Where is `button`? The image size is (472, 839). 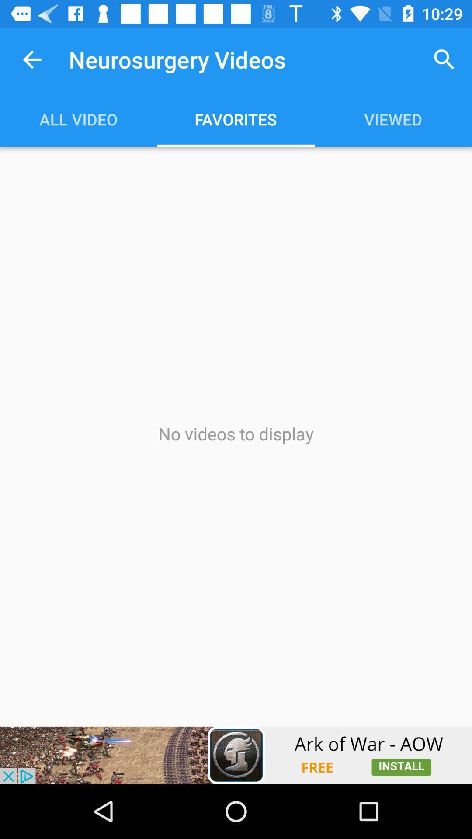
button is located at coordinates (236, 755).